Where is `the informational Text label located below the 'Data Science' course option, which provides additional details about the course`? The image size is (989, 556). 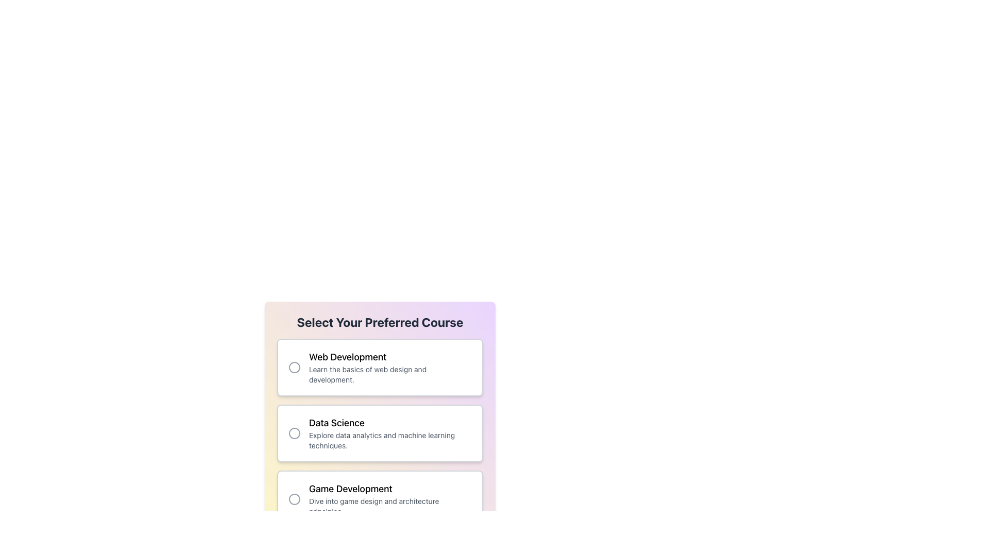 the informational Text label located below the 'Data Science' course option, which provides additional details about the course is located at coordinates (390, 440).